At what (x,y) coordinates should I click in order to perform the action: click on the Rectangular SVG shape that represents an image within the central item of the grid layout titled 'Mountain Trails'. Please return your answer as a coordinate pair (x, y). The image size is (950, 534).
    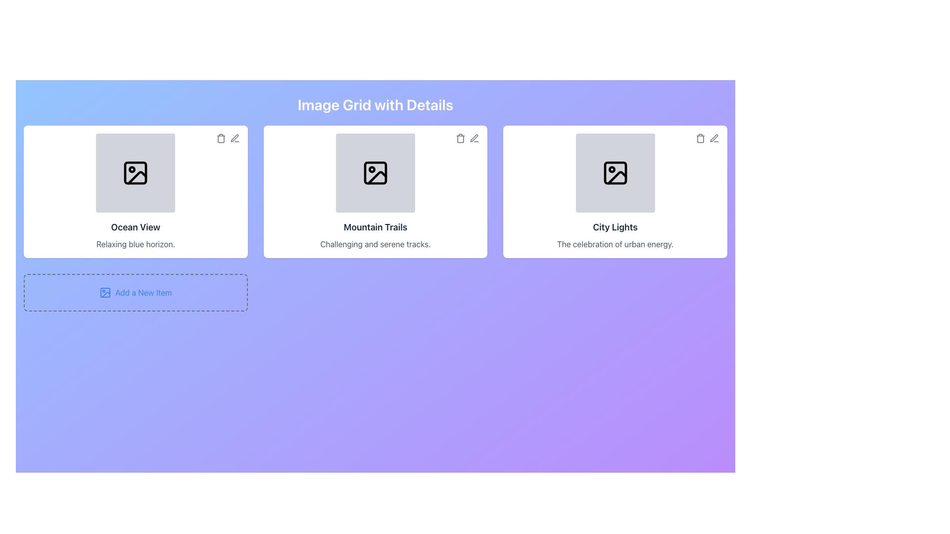
    Looking at the image, I should click on (375, 173).